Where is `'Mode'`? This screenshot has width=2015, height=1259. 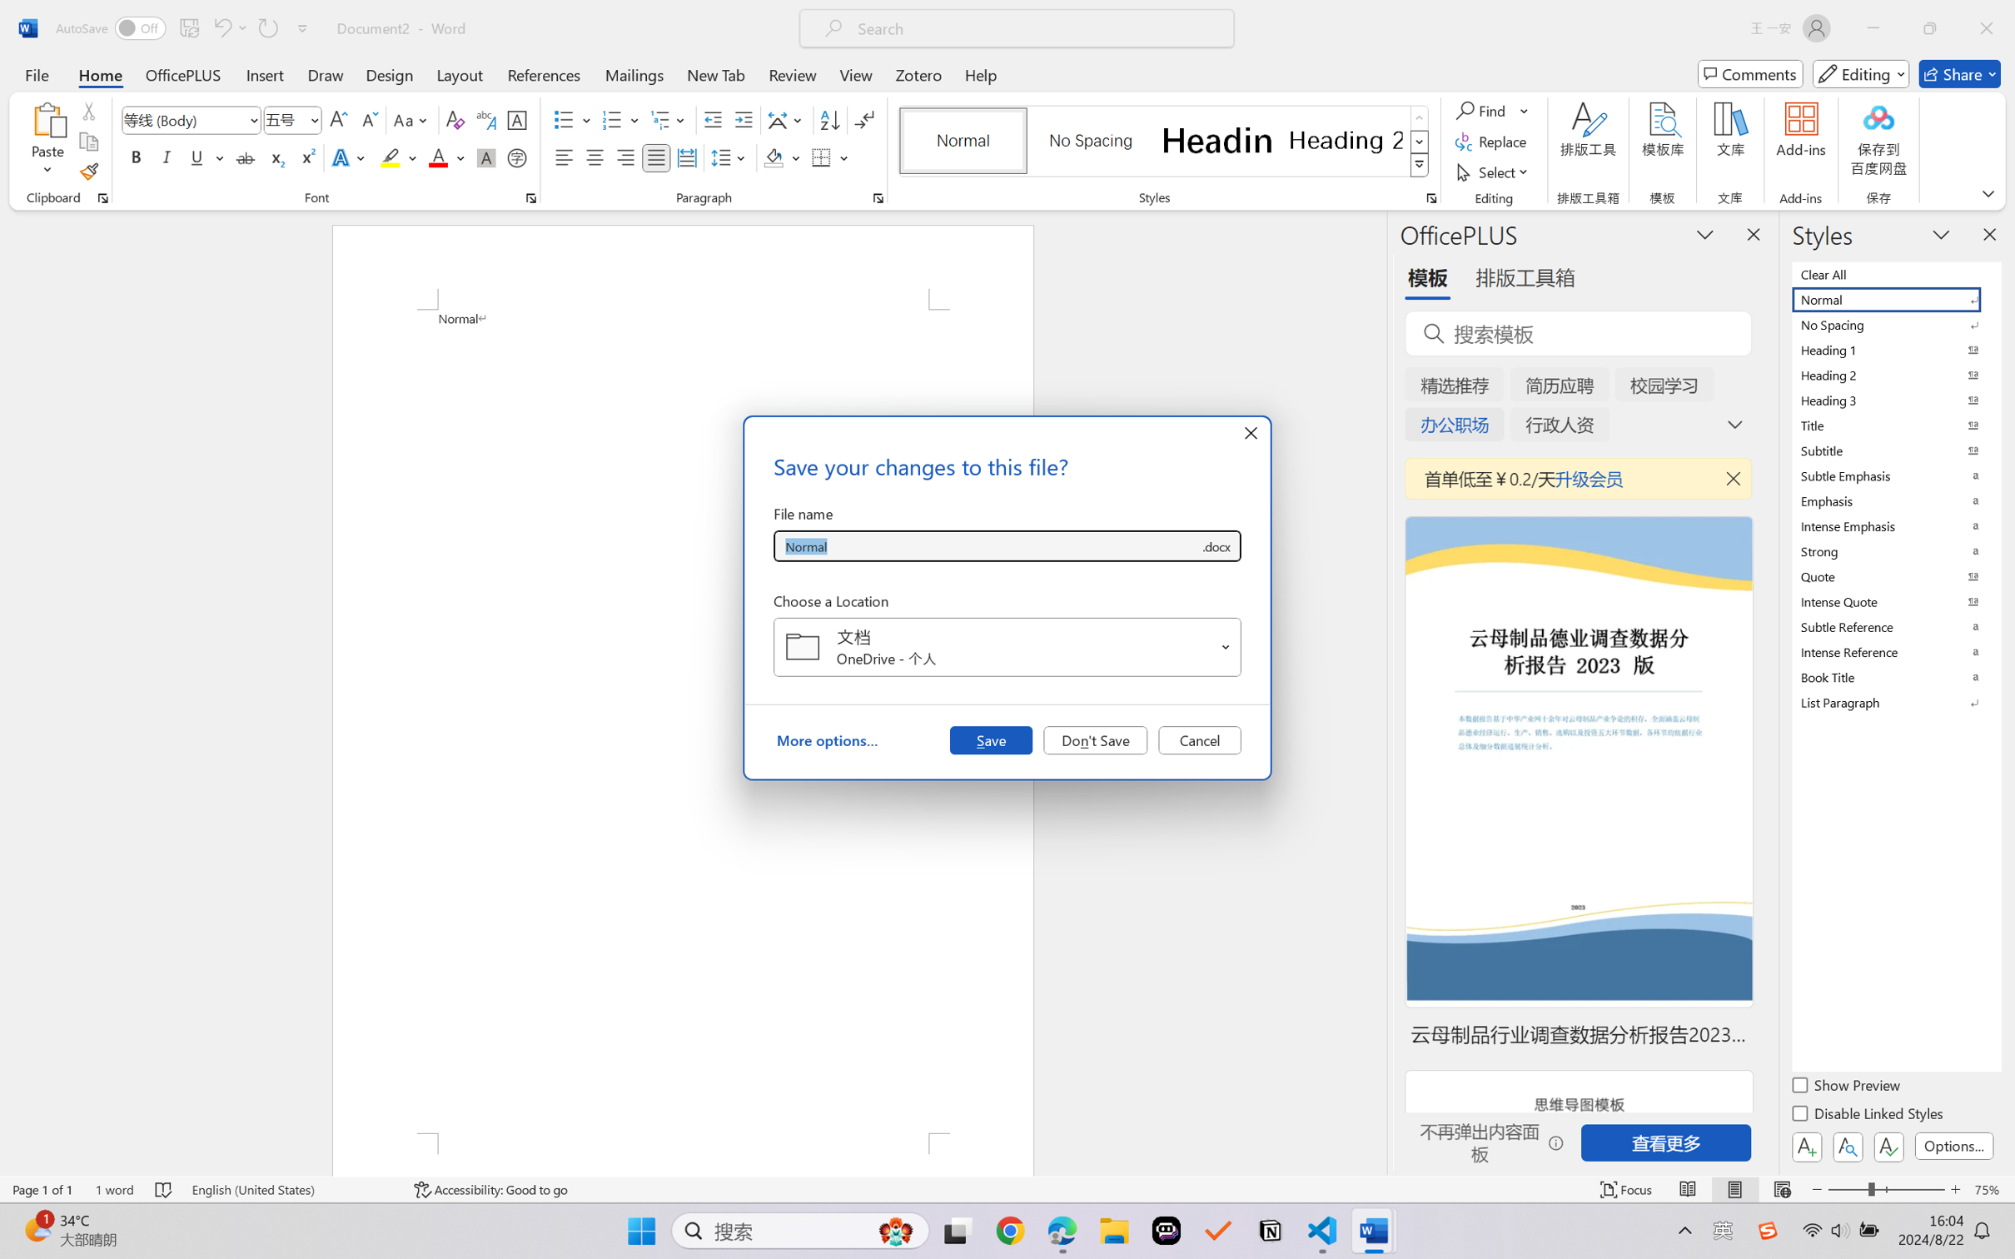 'Mode' is located at coordinates (1861, 73).